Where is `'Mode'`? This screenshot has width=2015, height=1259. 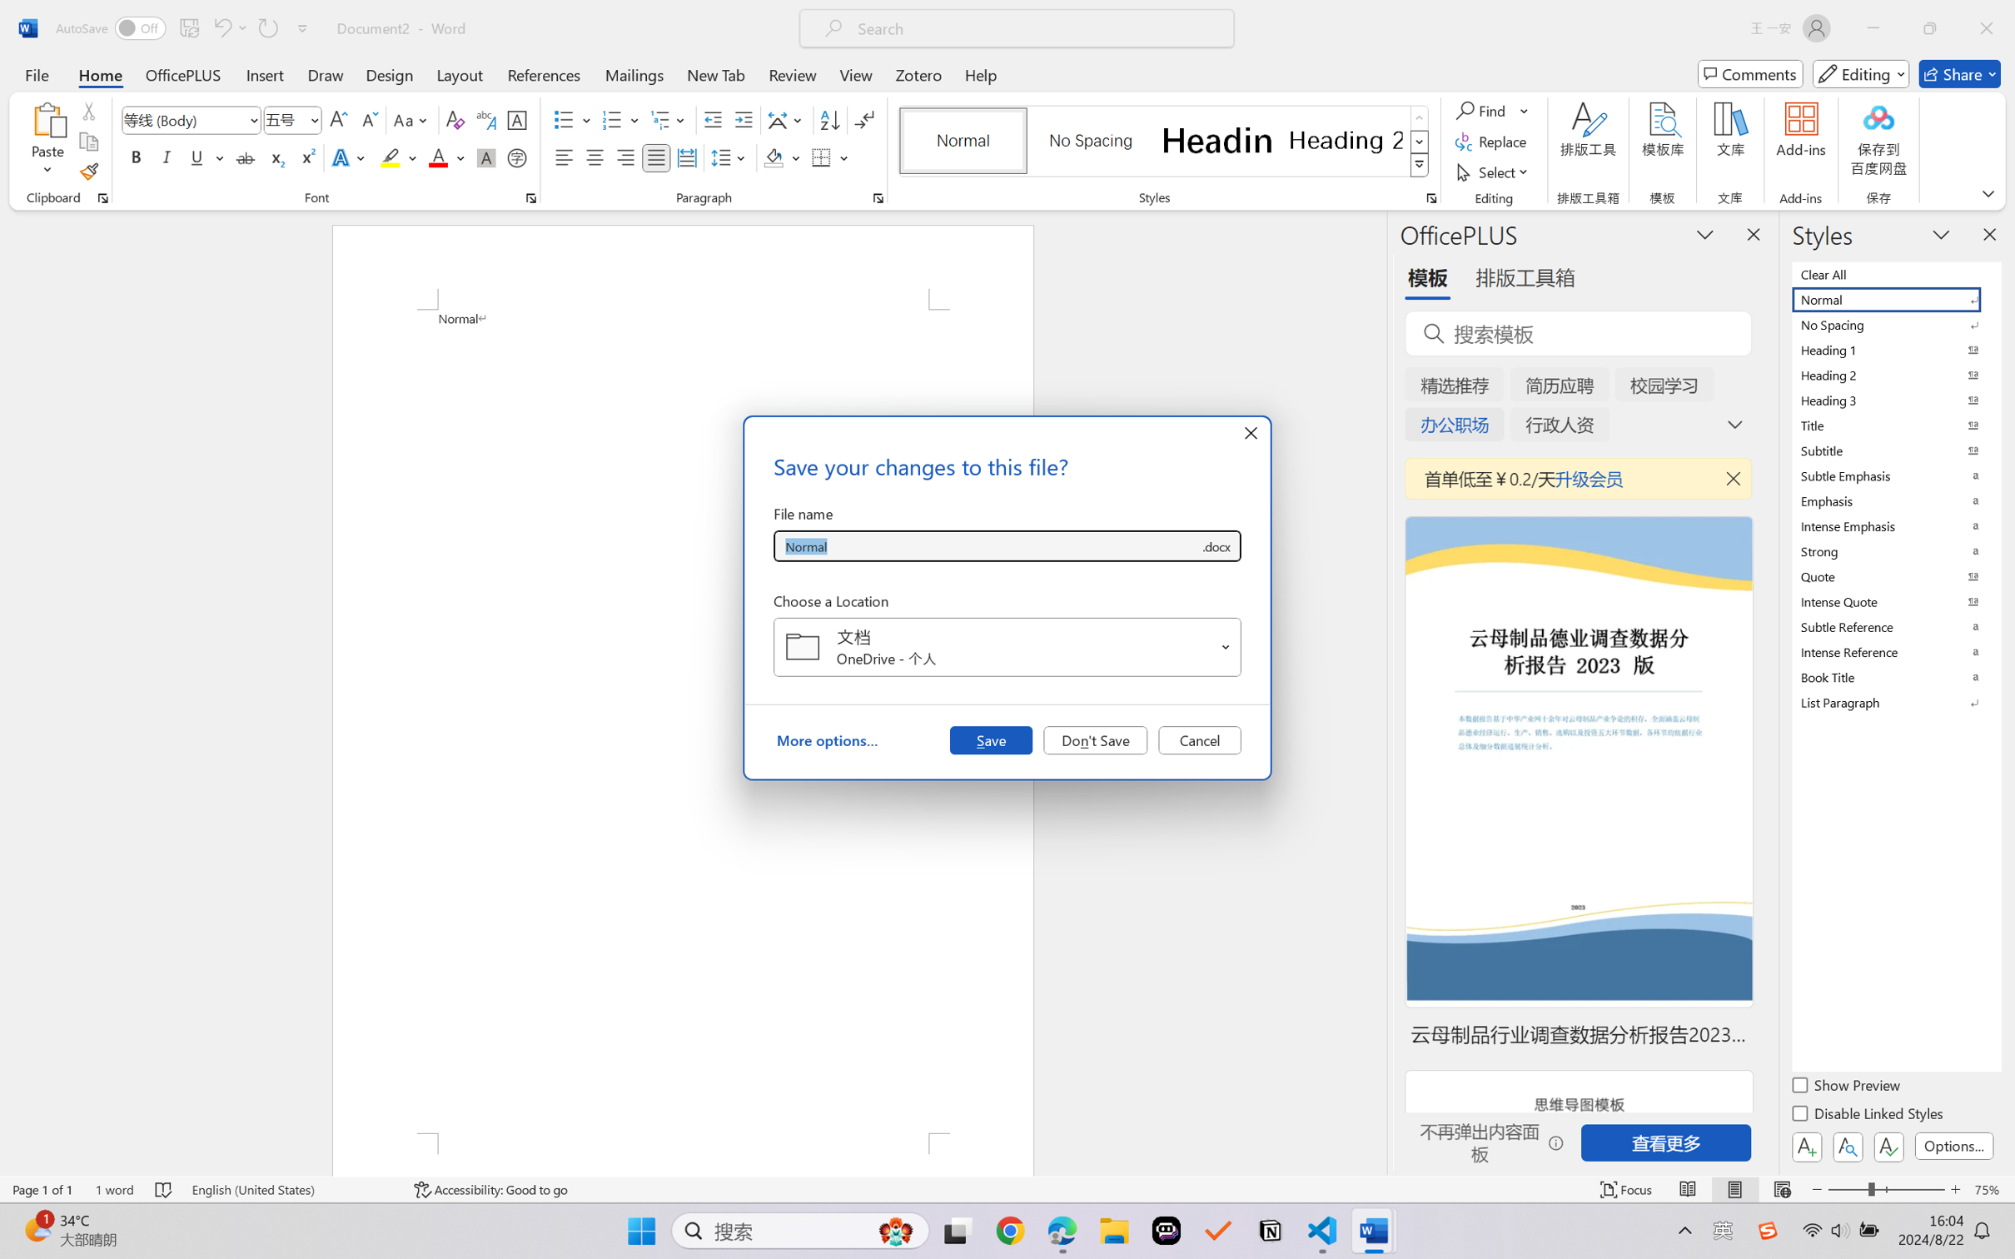 'Mode' is located at coordinates (1861, 73).